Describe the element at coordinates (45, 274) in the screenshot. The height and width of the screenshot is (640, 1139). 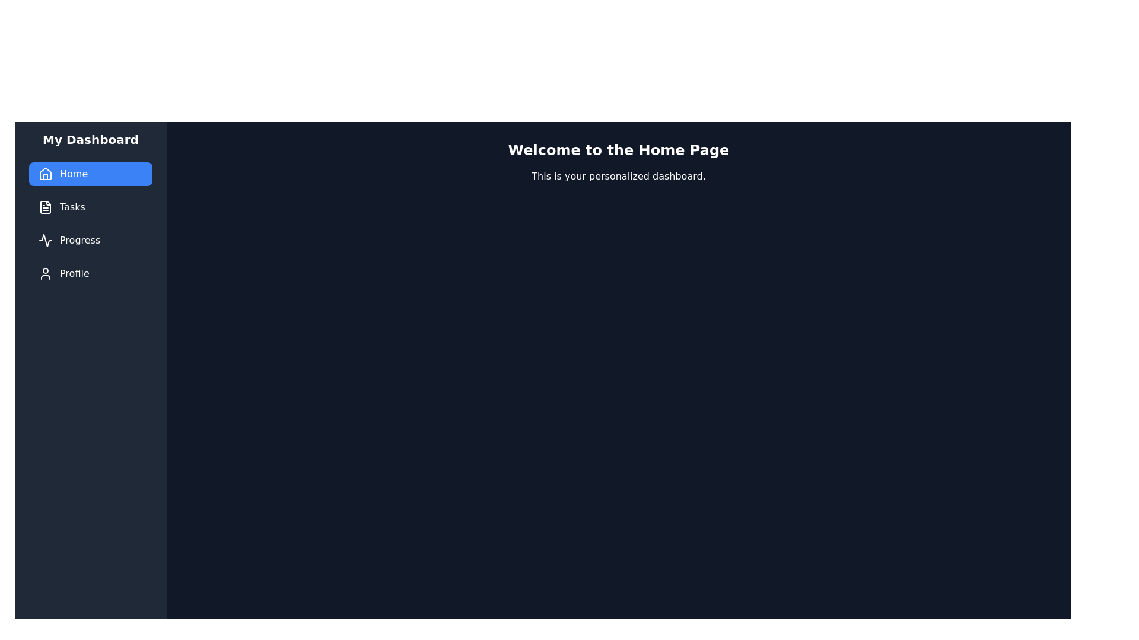
I see `the 'Profile' navigation icon located in the sidebar menu` at that location.